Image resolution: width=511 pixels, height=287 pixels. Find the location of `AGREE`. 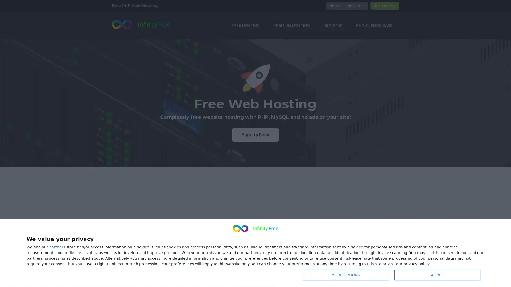

AGREE is located at coordinates (436, 275).